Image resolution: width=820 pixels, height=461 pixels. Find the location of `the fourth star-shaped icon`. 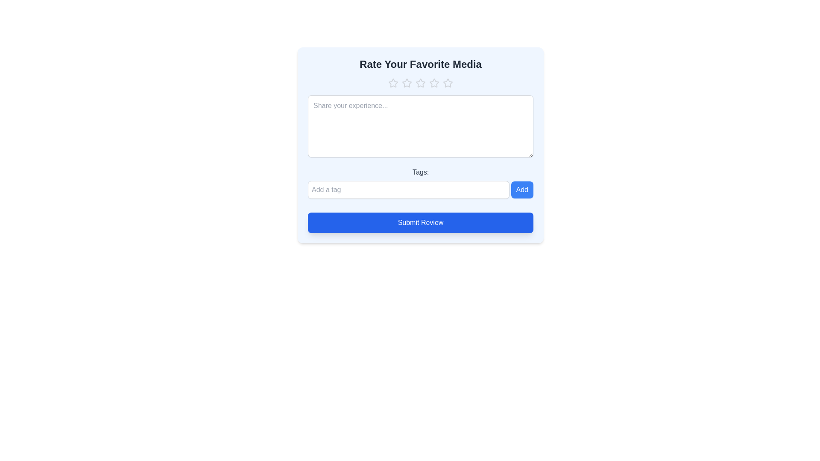

the fourth star-shaped icon is located at coordinates (434, 83).